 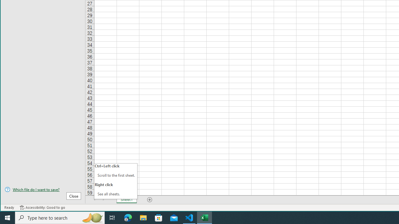 What do you see at coordinates (126, 199) in the screenshot?
I see `'Sheet1'` at bounding box center [126, 199].